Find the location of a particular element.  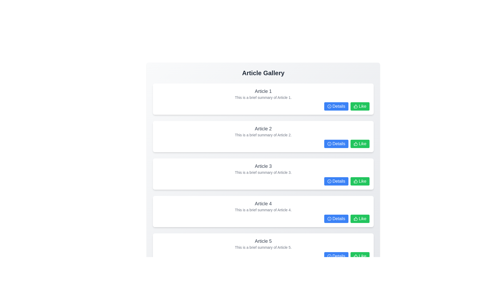

the green 'Like' button with rounded corners, labeled 'Like' in white text, located in the bottom-right corner of the second article card, to like the article is located at coordinates (360, 144).